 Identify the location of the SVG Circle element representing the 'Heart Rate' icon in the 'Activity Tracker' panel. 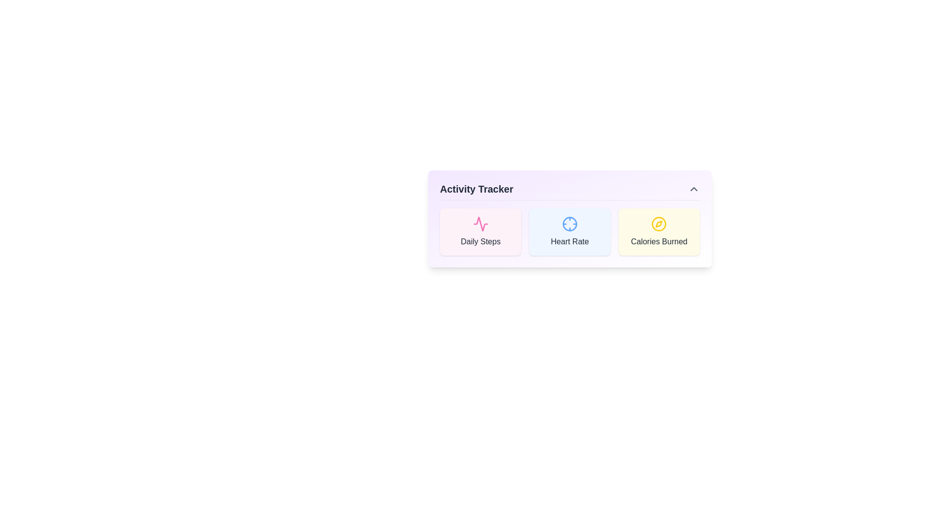
(569, 224).